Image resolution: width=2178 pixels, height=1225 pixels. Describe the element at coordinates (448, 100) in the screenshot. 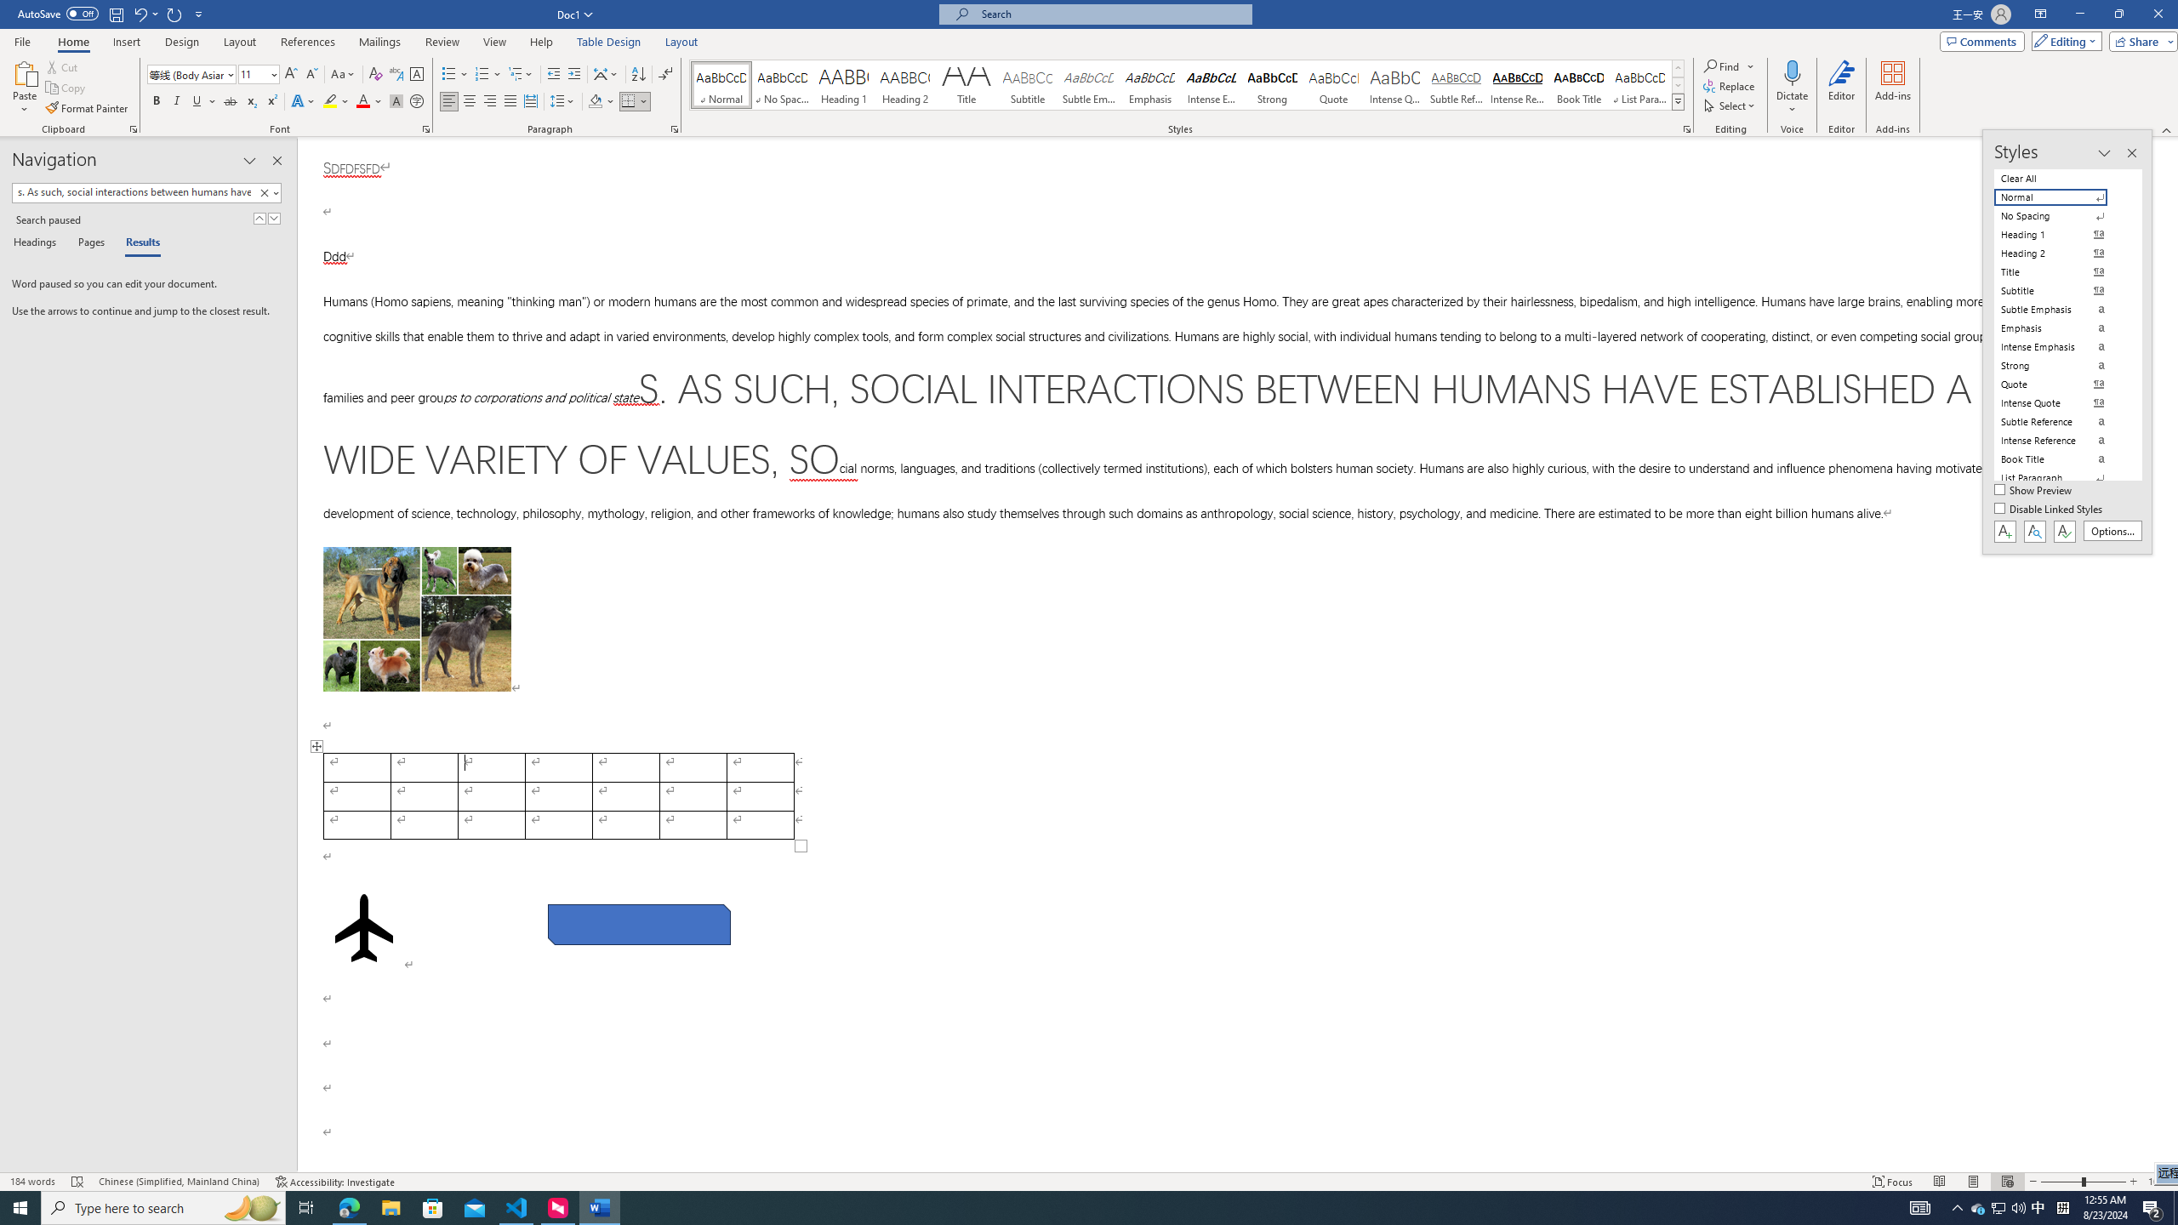

I see `'Align Left'` at that location.